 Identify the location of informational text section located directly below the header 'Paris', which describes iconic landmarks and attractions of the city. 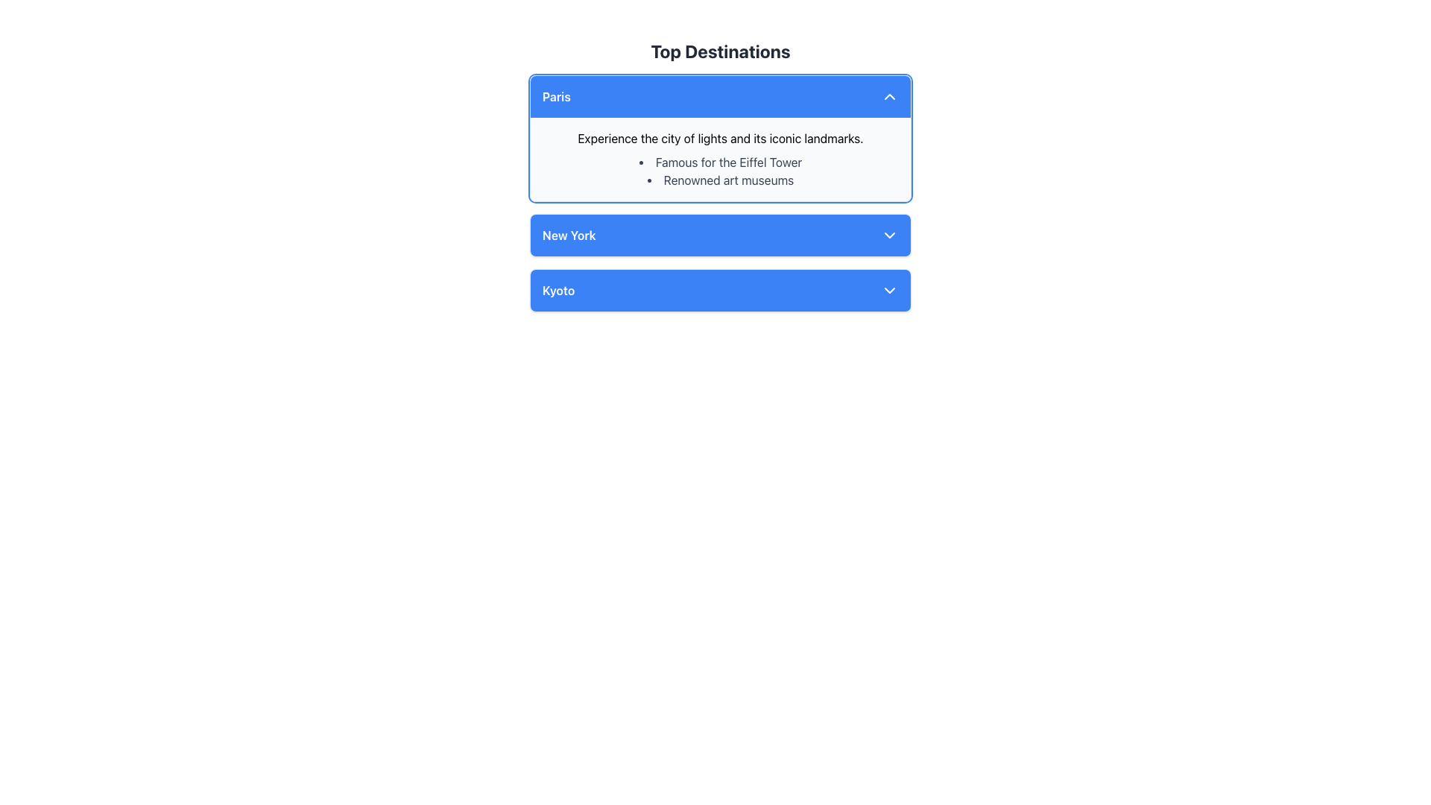
(720, 159).